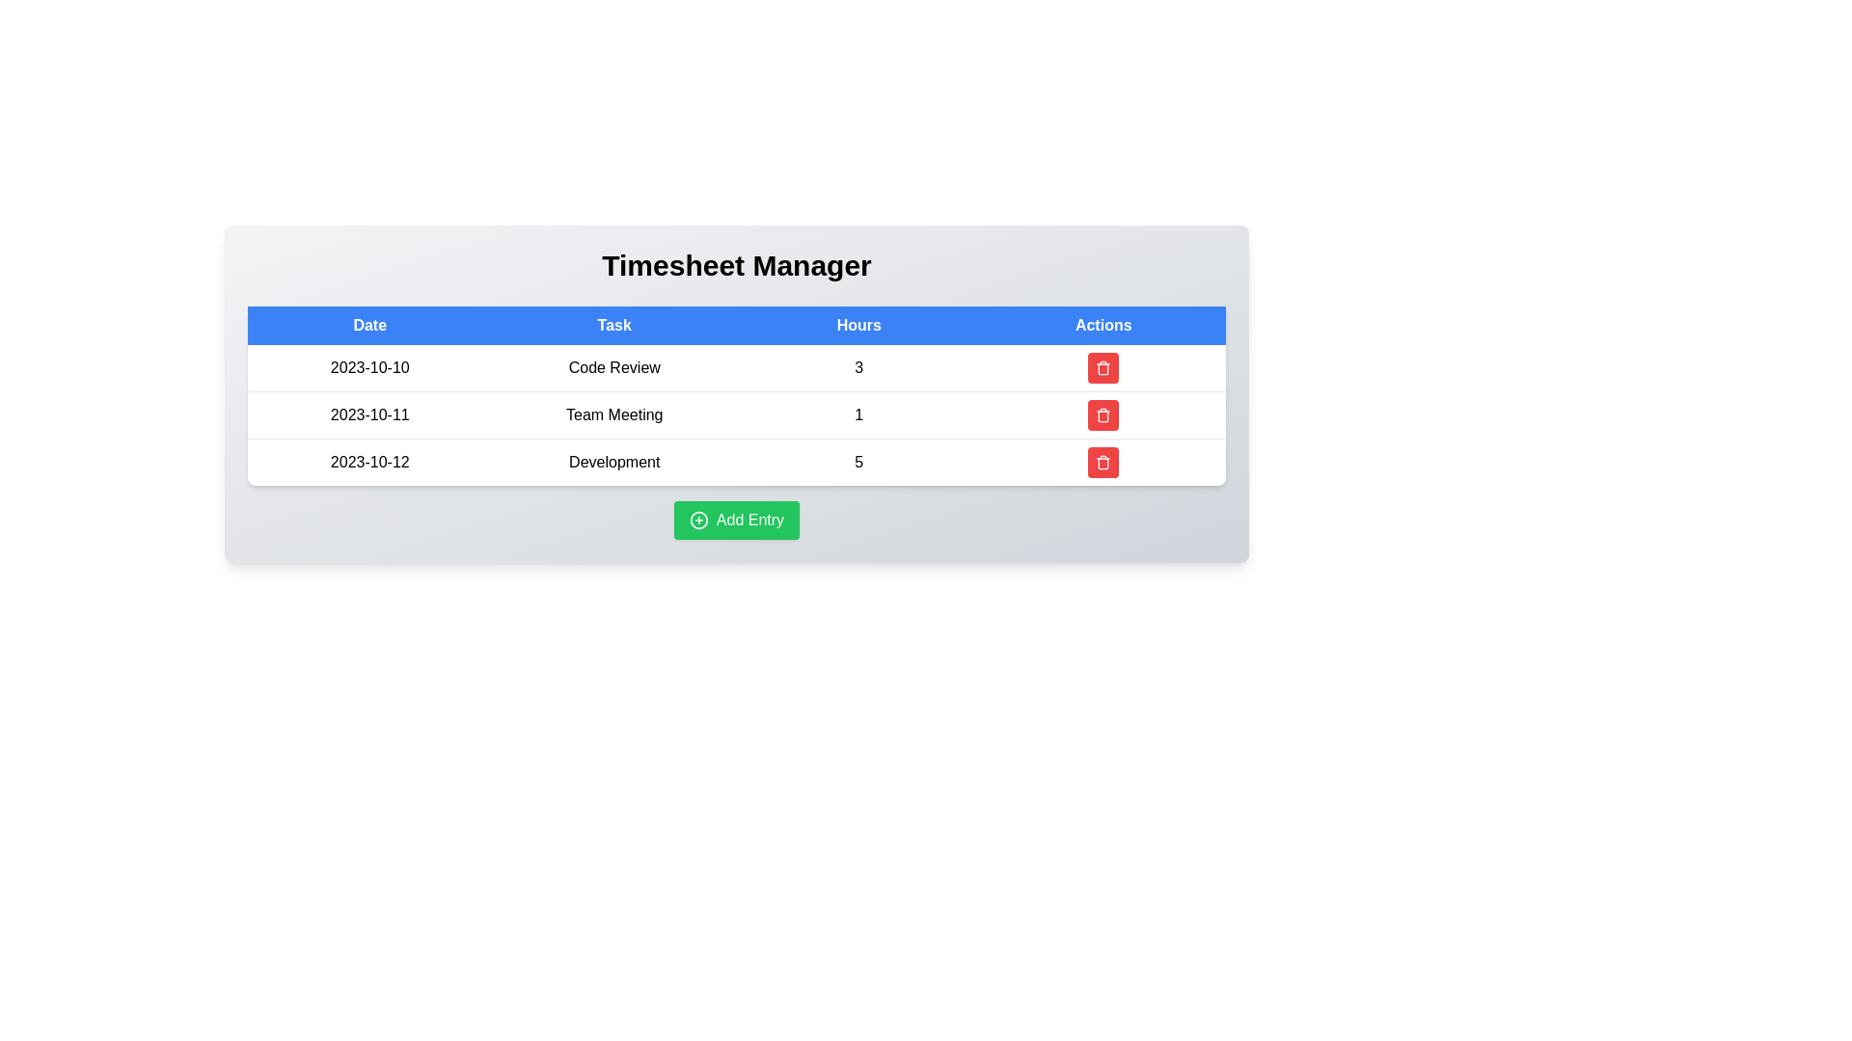 This screenshot has height=1041, width=1852. Describe the element at coordinates (369, 325) in the screenshot. I see `the Text label which serves as the header for the date column in the table, positioned at the top-left corner of the header section` at that location.